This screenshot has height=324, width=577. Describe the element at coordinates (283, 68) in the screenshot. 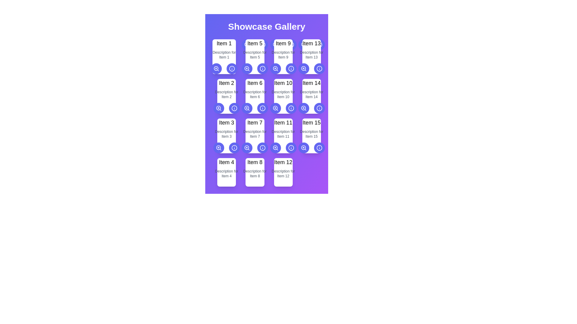

I see `the information icon on the Grouped Control Panel located in the 'Item 9' display area to show information` at that location.